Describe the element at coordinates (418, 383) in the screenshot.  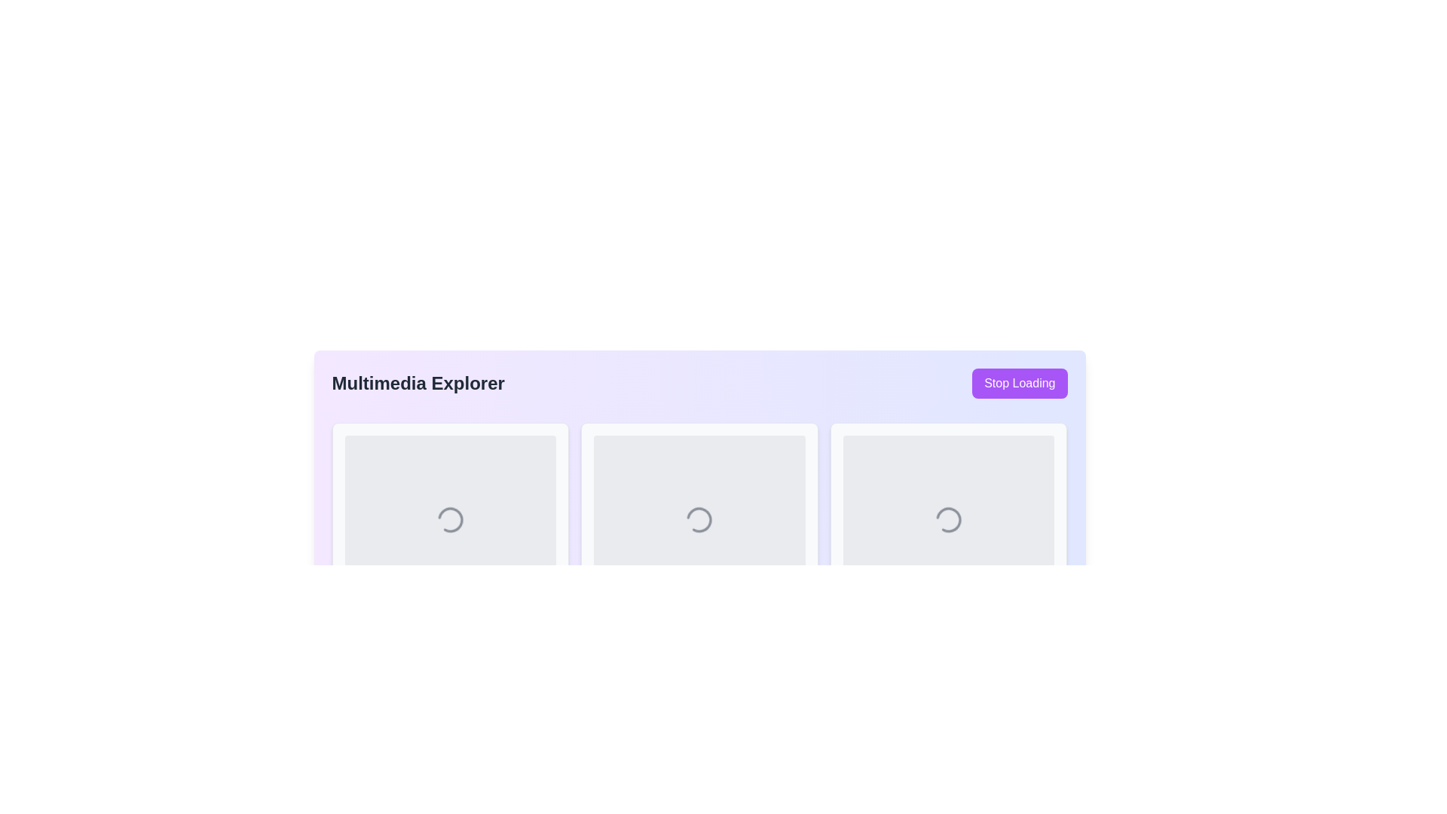
I see `the 'Multimedia Explorer' text label, which serves as a title for the interface and is positioned centrally on the top row` at that location.